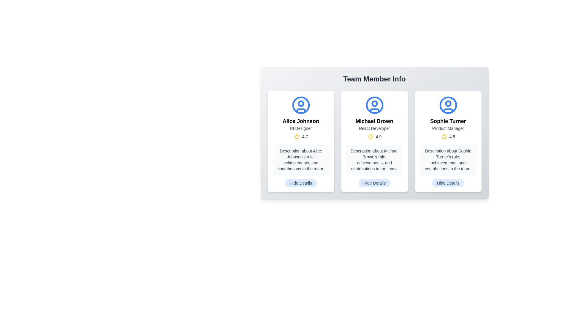 The width and height of the screenshot is (570, 321). Describe the element at coordinates (301, 159) in the screenshot. I see `text contained within the text block about Alice Johnson's role, achievements, and contributions to the team, which is styled with a light gray background and rounded corners, located below the rating information and above the 'Hide Details' button` at that location.